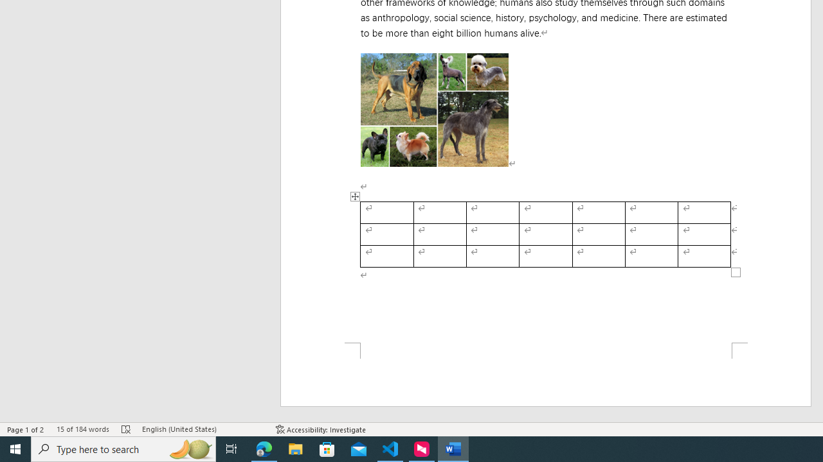 This screenshot has height=462, width=823. What do you see at coordinates (202, 429) in the screenshot?
I see `'Language English (United States)'` at bounding box center [202, 429].